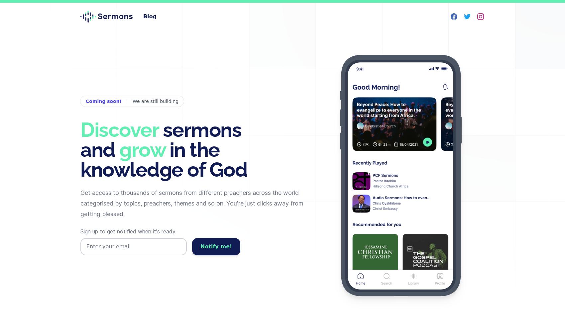  I want to click on 'Blog', so click(150, 16).